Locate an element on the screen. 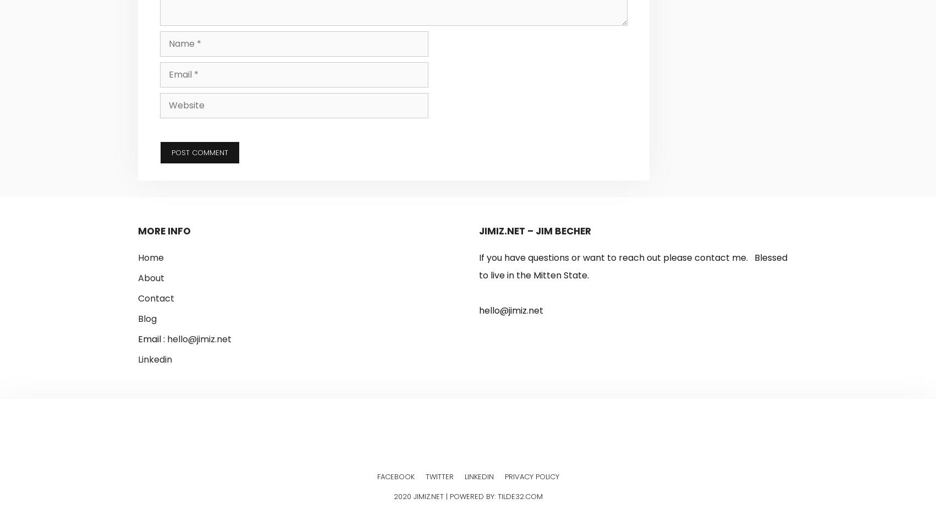  'If you have questions or want to reach out please contact me.   Blessed to live in the Mitten State.' is located at coordinates (633, 265).